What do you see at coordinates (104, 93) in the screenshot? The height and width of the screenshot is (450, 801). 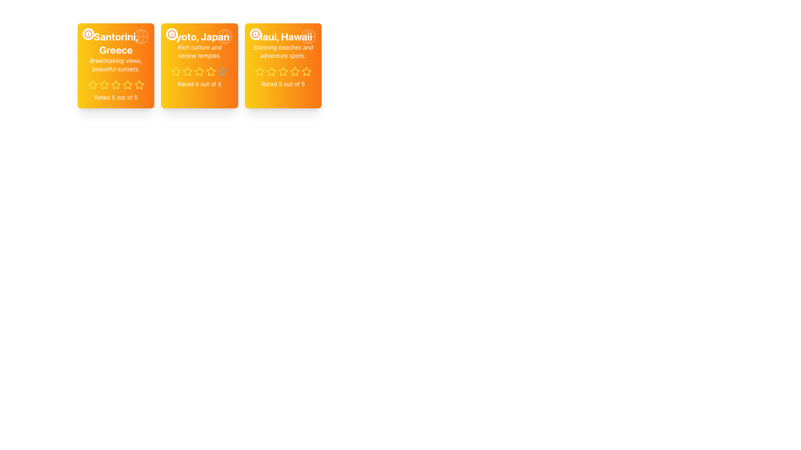 I see `across the first star icon in the rating system` at bounding box center [104, 93].